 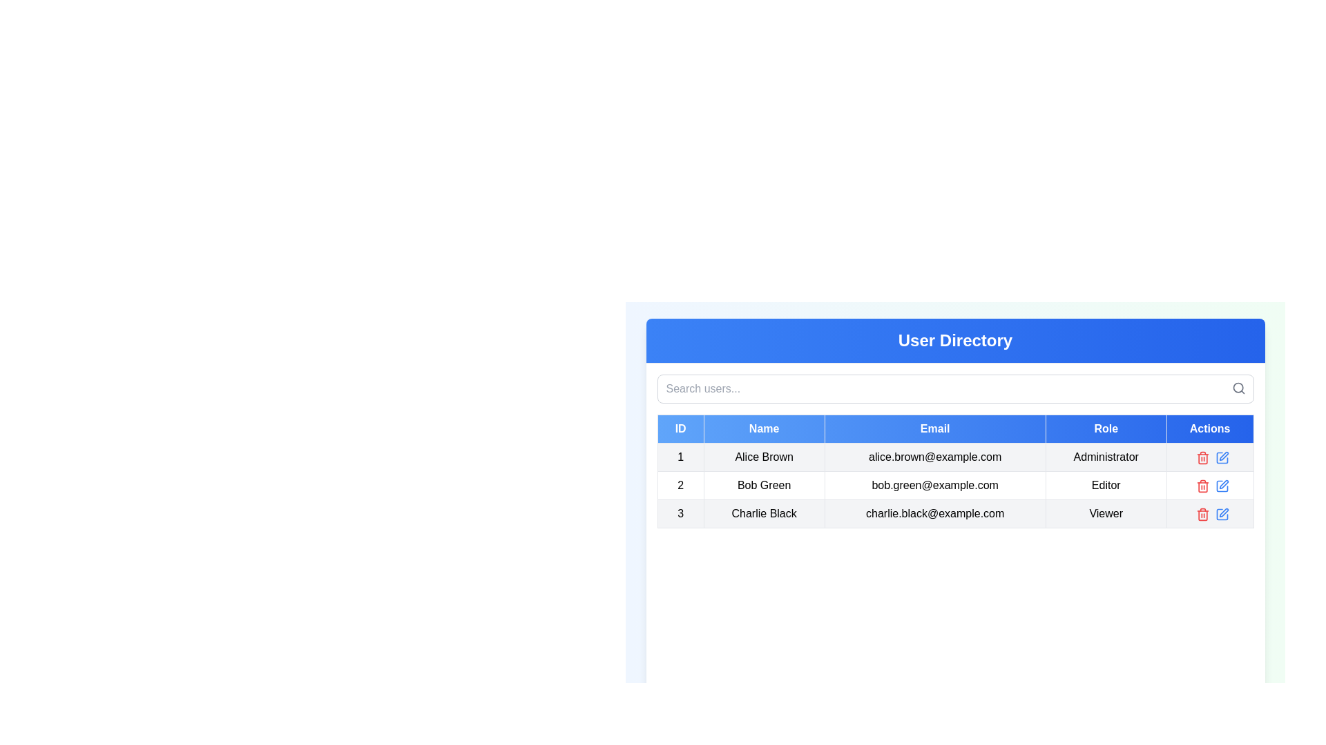 I want to click on the graphical representation of the rectangular outline of the trash can icon in the 'Actions' column of the last row of the user table, so click(x=1202, y=459).